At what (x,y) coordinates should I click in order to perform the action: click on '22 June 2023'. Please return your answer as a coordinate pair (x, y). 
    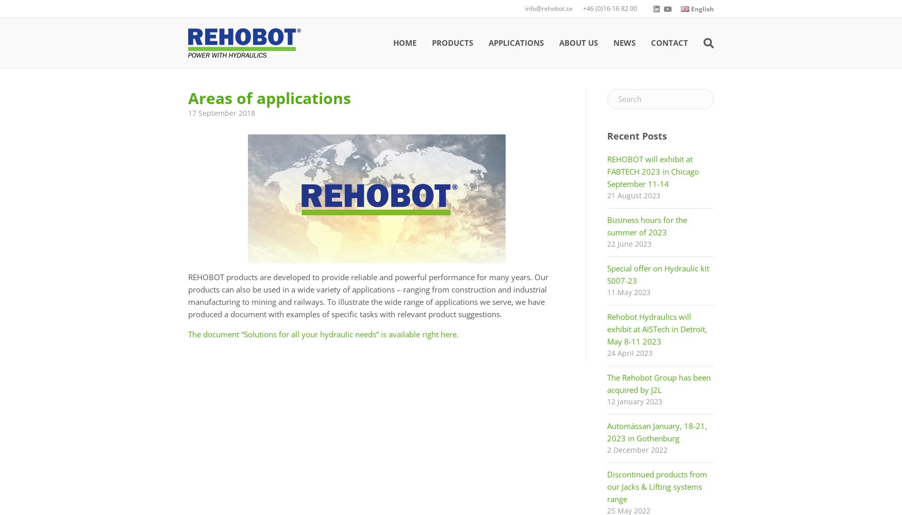
    Looking at the image, I should click on (606, 243).